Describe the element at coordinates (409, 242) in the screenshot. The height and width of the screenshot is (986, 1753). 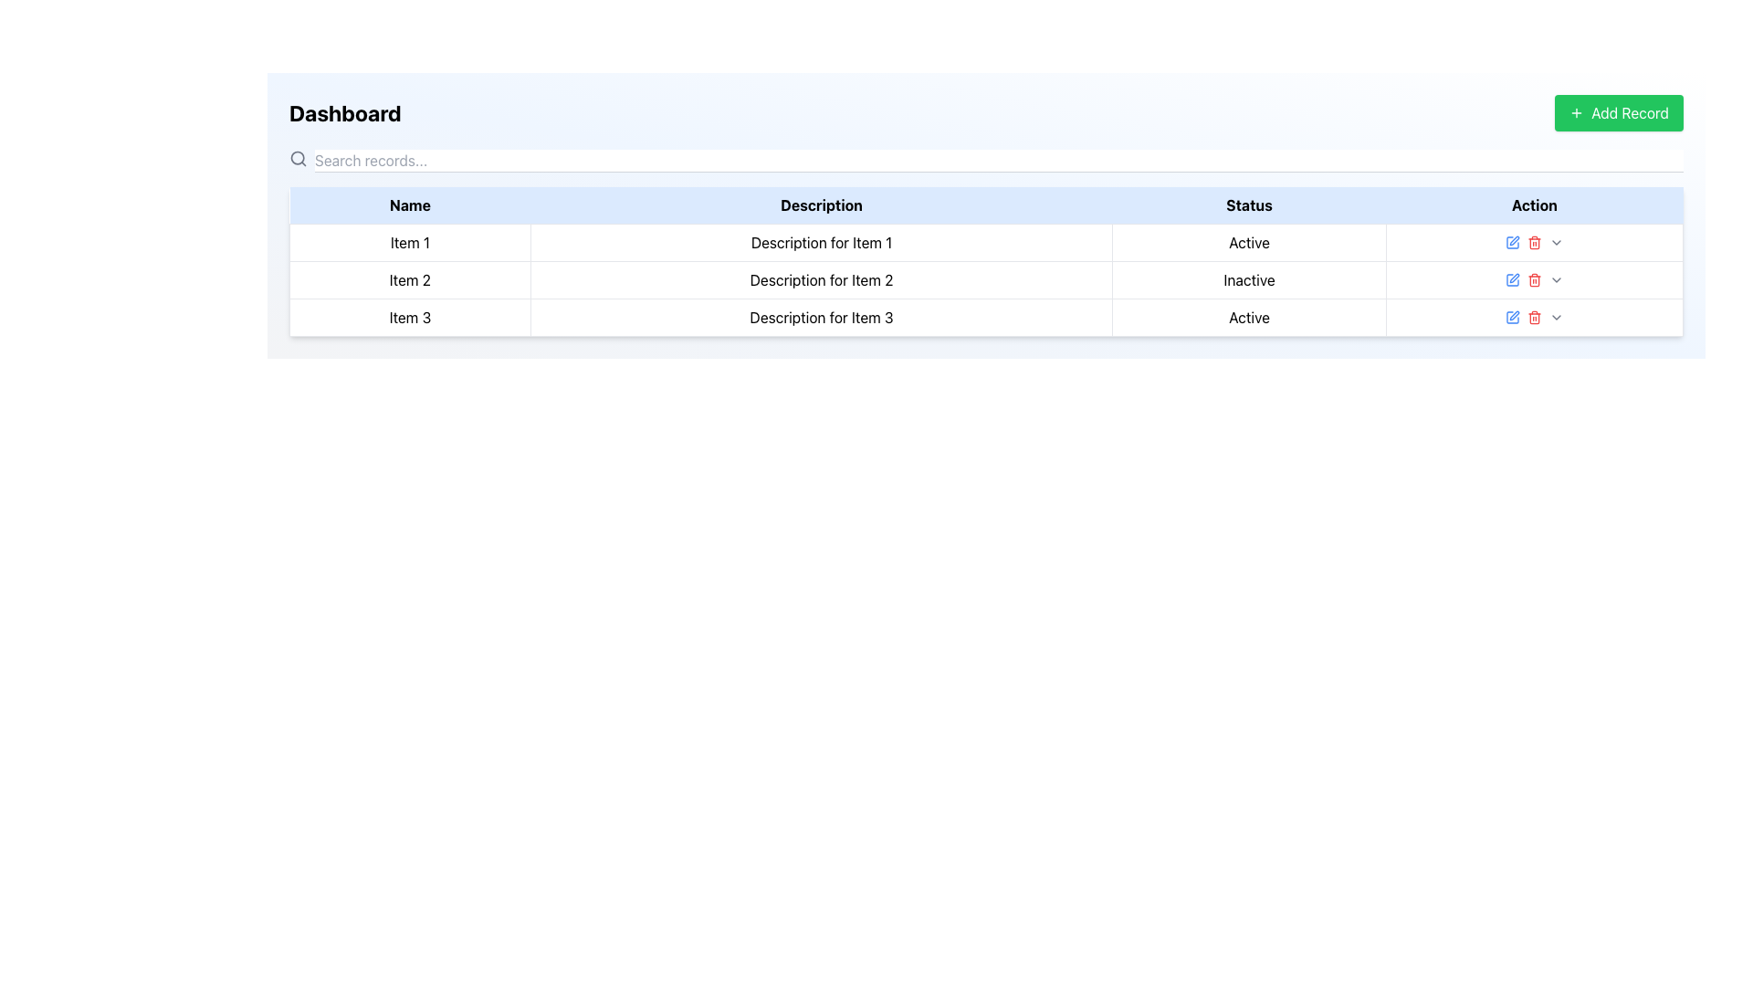
I see `the Text Label displaying 'Item 1' located in the first row under the 'Name' column of the table` at that location.